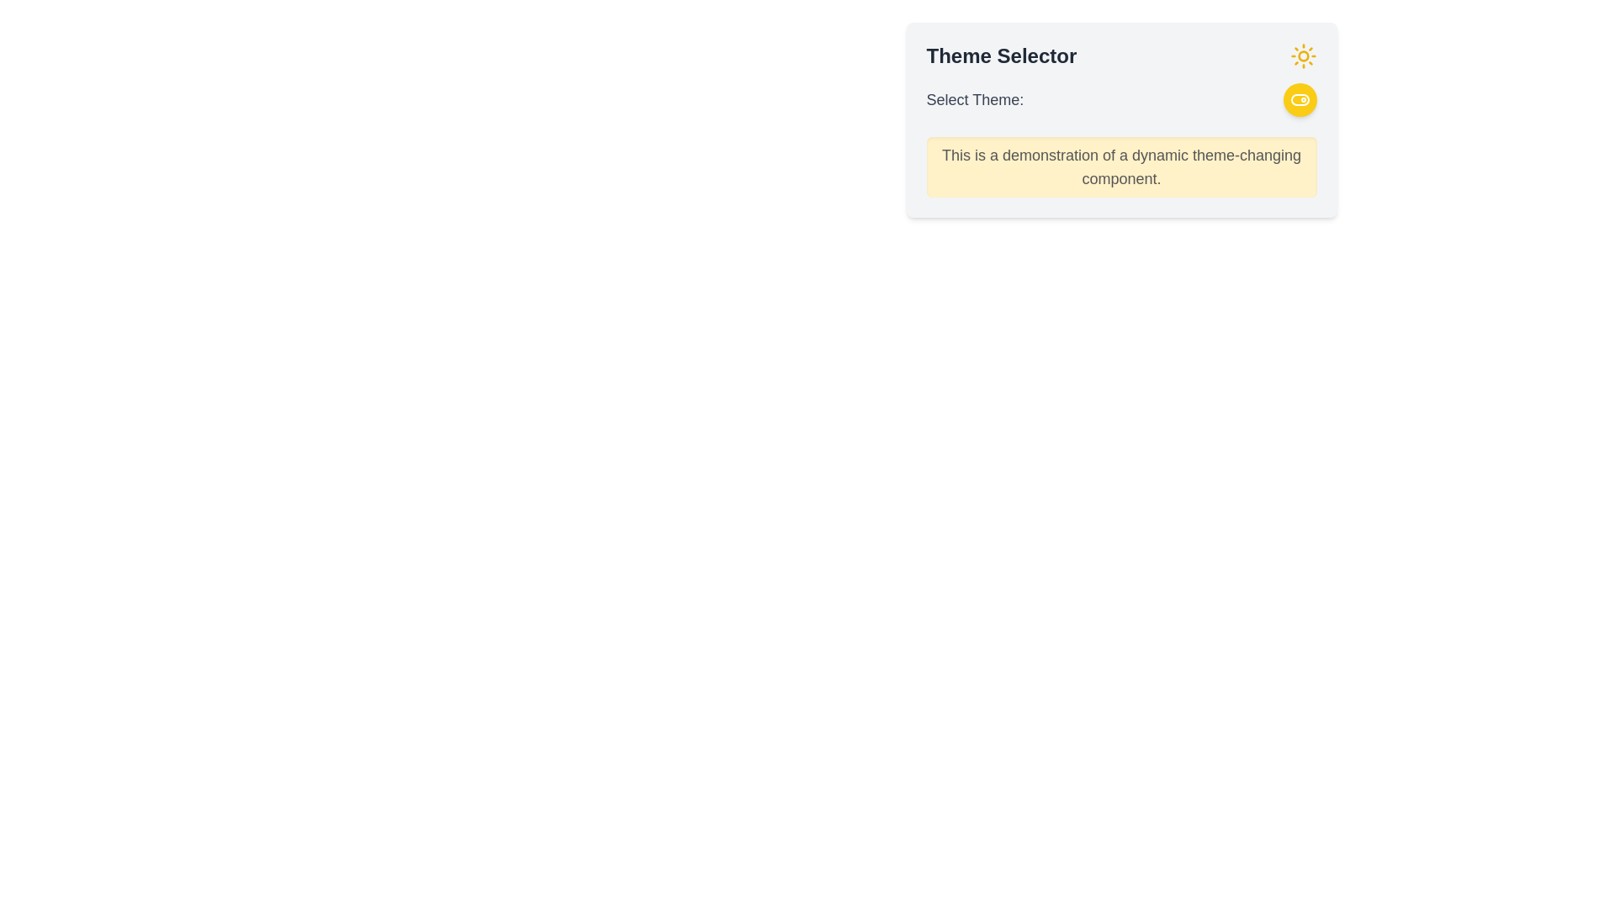  Describe the element at coordinates (1299, 100) in the screenshot. I see `the light orange elliptical background element of the toggle switch located in the top-right corner of the 'Theme Selector' card` at that location.